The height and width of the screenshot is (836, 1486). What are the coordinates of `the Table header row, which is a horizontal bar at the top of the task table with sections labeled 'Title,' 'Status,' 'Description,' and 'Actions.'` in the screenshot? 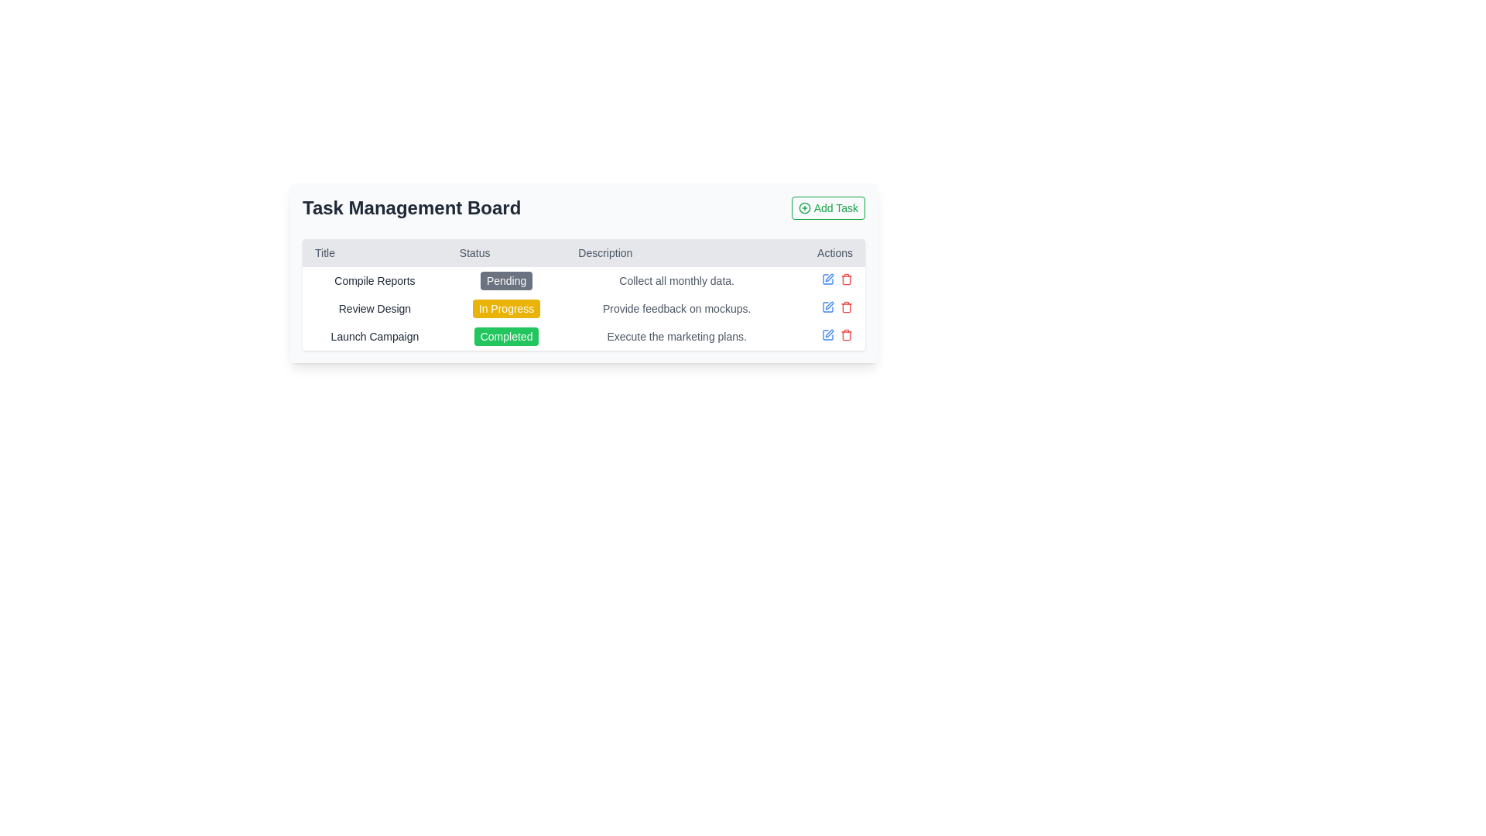 It's located at (583, 252).